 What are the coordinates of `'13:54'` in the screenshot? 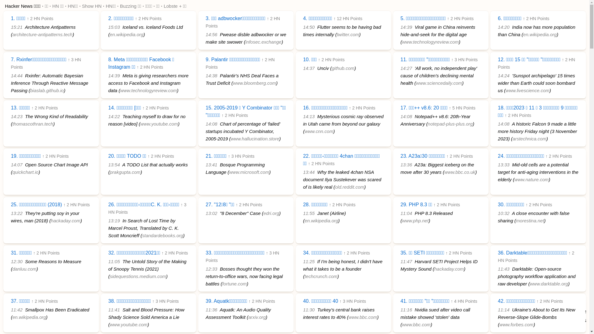 It's located at (114, 164).